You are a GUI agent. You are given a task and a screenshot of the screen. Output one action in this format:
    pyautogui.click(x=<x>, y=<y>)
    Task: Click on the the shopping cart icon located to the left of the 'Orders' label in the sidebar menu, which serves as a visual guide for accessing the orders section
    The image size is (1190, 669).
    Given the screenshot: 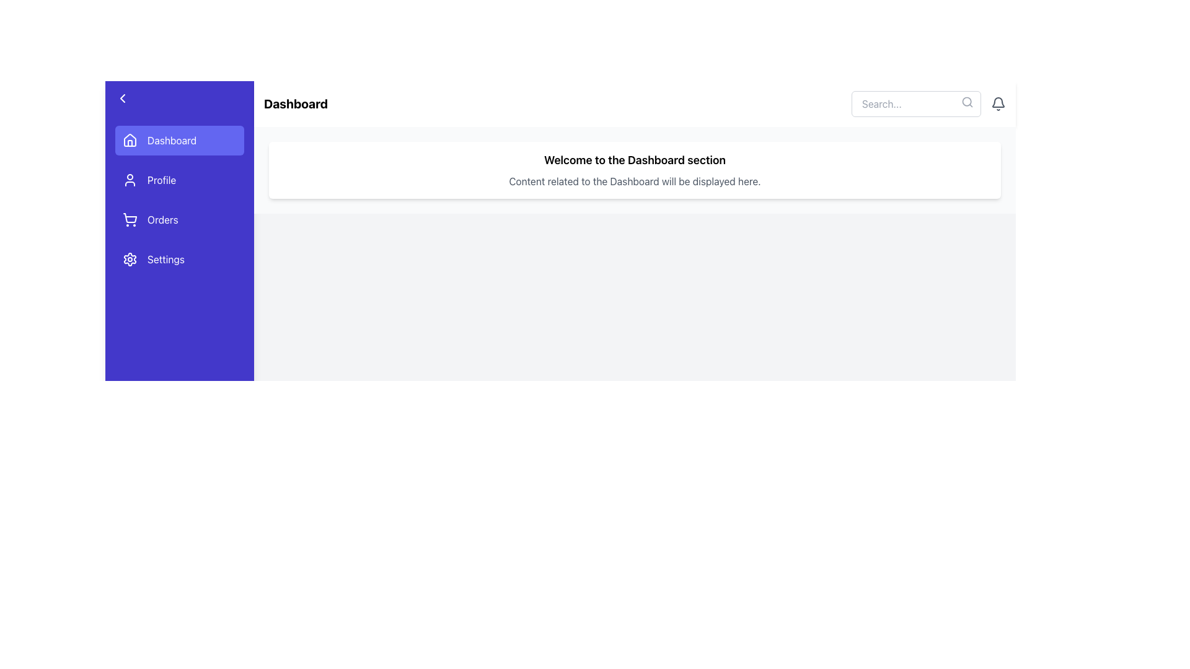 What is the action you would take?
    pyautogui.click(x=130, y=217)
    